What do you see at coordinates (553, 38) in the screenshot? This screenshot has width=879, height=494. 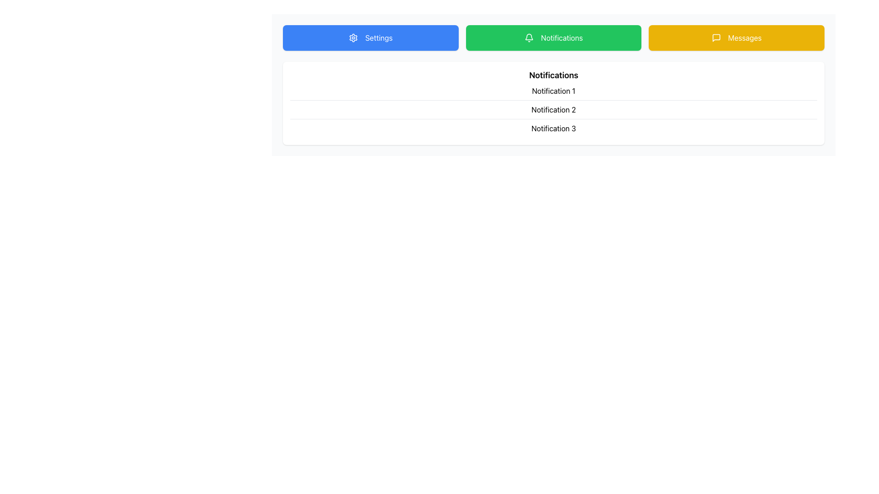 I see `the notifications button located between the 'Settings' button and the 'Messages' button in the top center of the interface` at bounding box center [553, 38].